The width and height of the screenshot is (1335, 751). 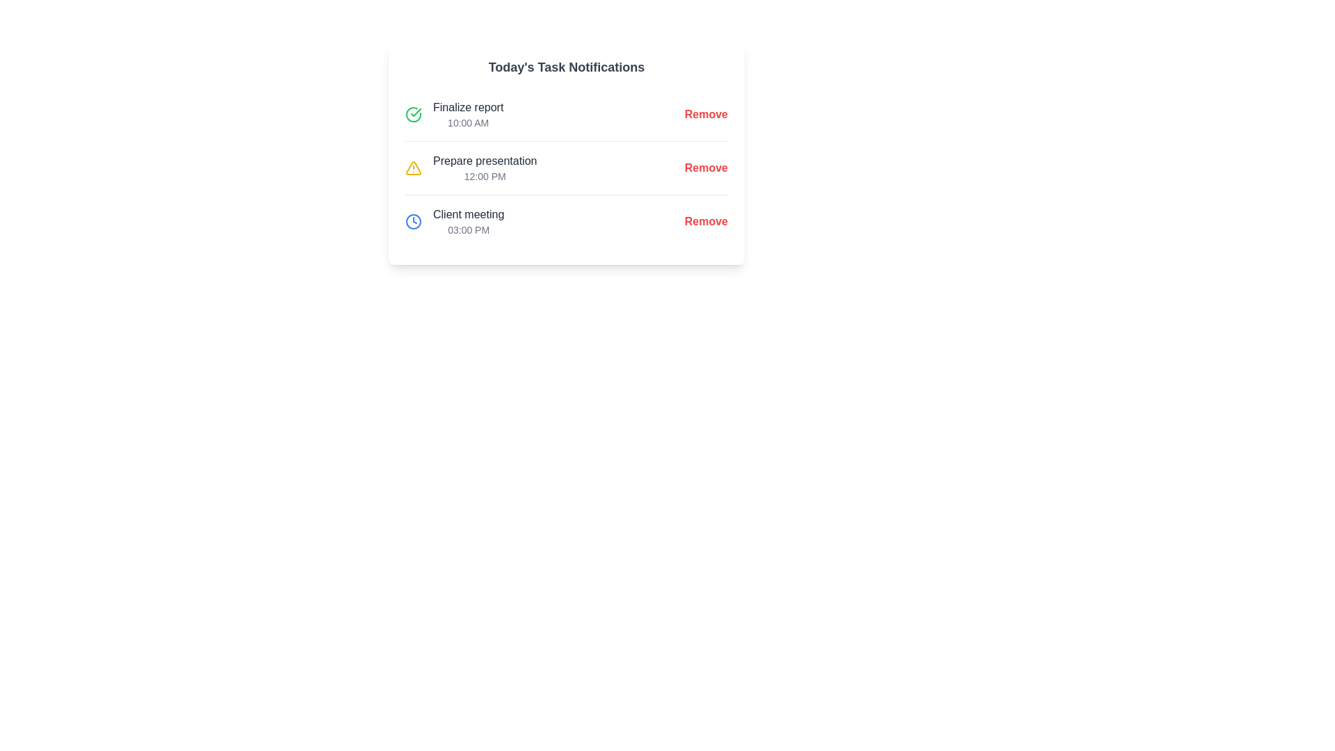 I want to click on the green circular icon with a checkmark inside, located to the left of the text 'Finalize report' in the 'Today's Task Notifications' section, so click(x=413, y=114).